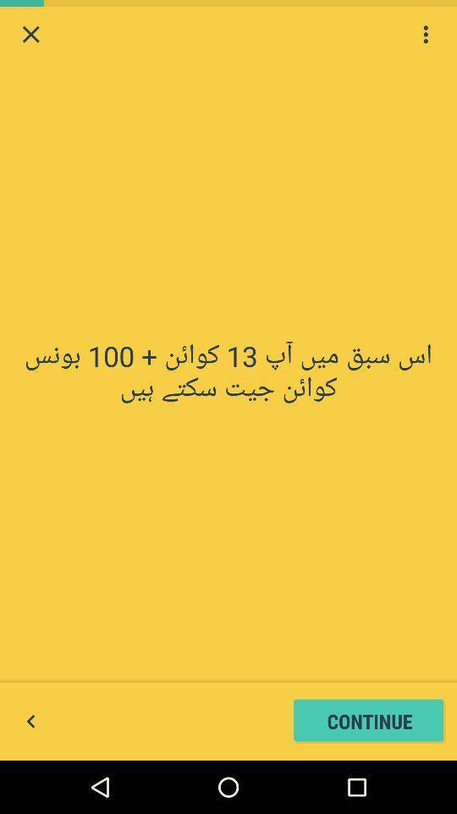 The image size is (457, 814). Describe the element at coordinates (369, 720) in the screenshot. I see `the item at the bottom right corner` at that location.